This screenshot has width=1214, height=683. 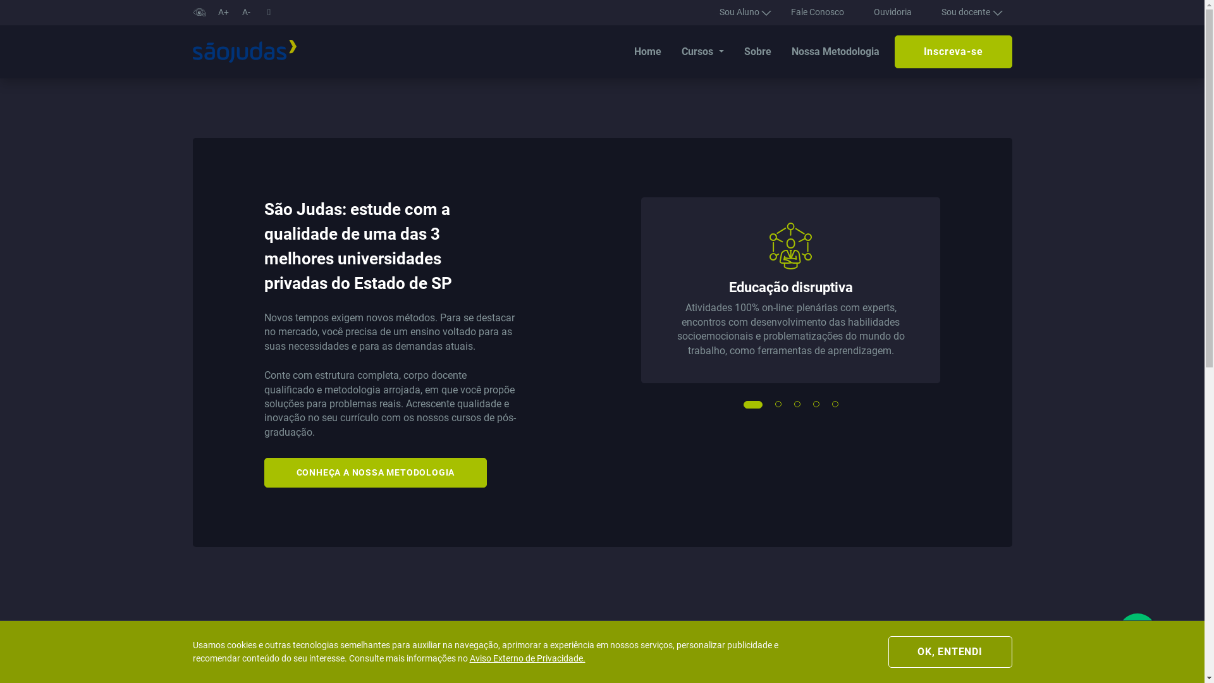 What do you see at coordinates (953, 51) in the screenshot?
I see `'Inscreva-se'` at bounding box center [953, 51].